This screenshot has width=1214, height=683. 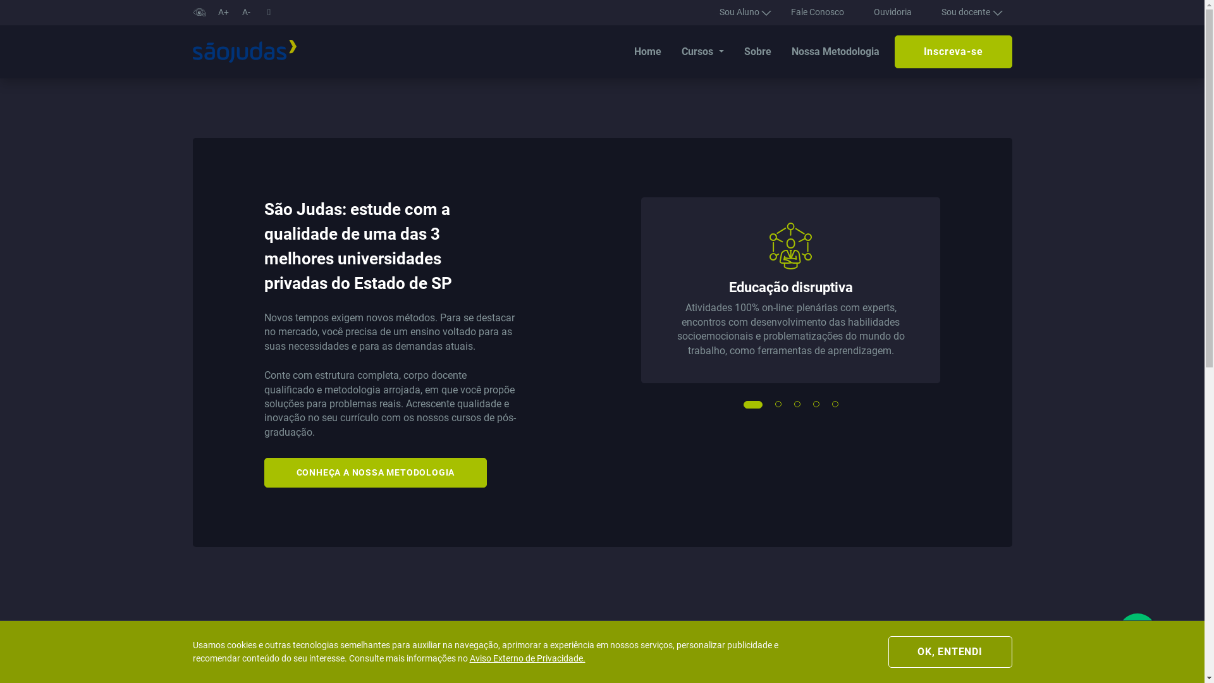 What do you see at coordinates (953, 51) in the screenshot?
I see `'Inscreva-se'` at bounding box center [953, 51].